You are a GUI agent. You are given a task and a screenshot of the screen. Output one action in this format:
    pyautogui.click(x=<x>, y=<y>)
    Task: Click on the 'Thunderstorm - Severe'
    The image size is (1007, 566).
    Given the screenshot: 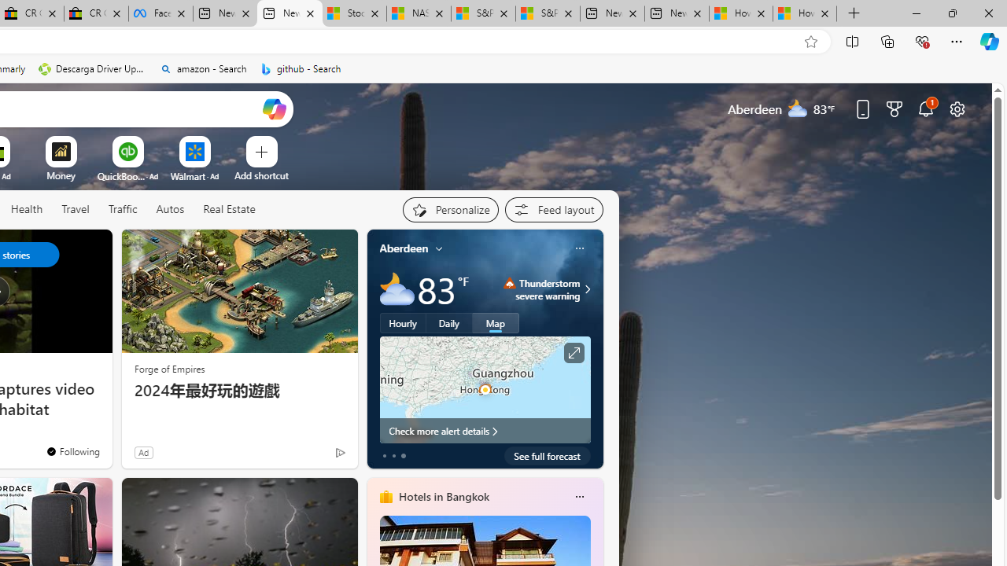 What is the action you would take?
    pyautogui.click(x=510, y=283)
    